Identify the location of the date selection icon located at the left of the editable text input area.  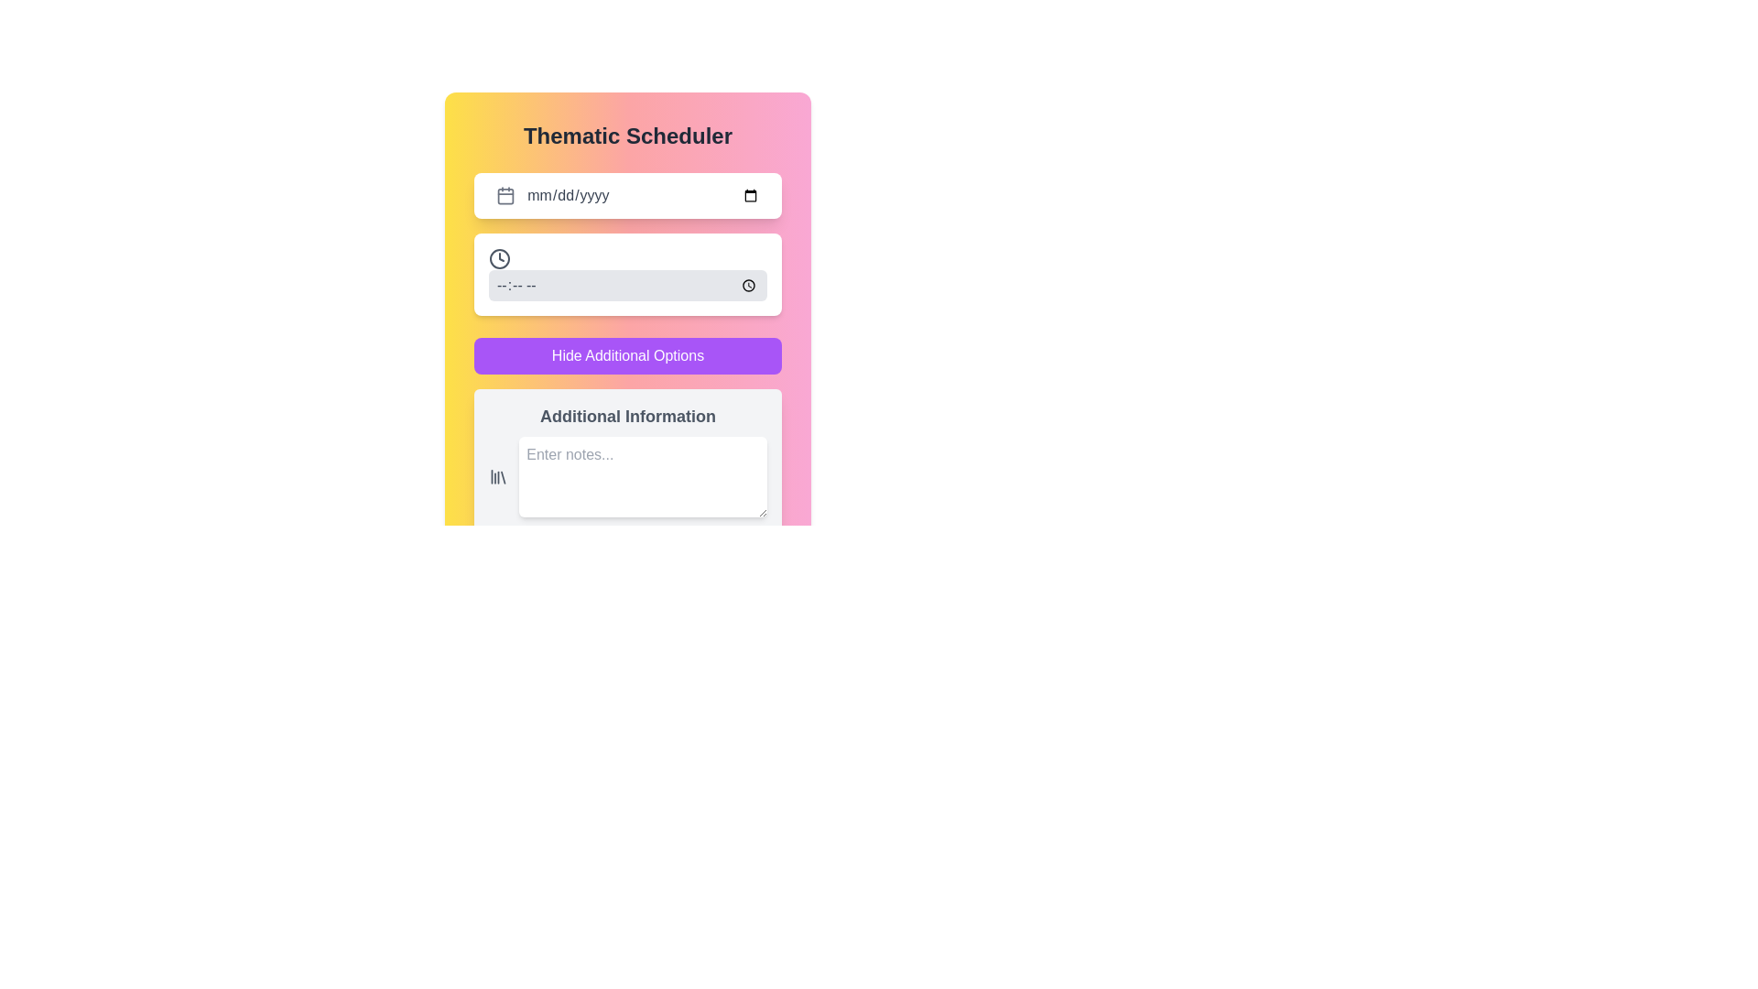
(505, 195).